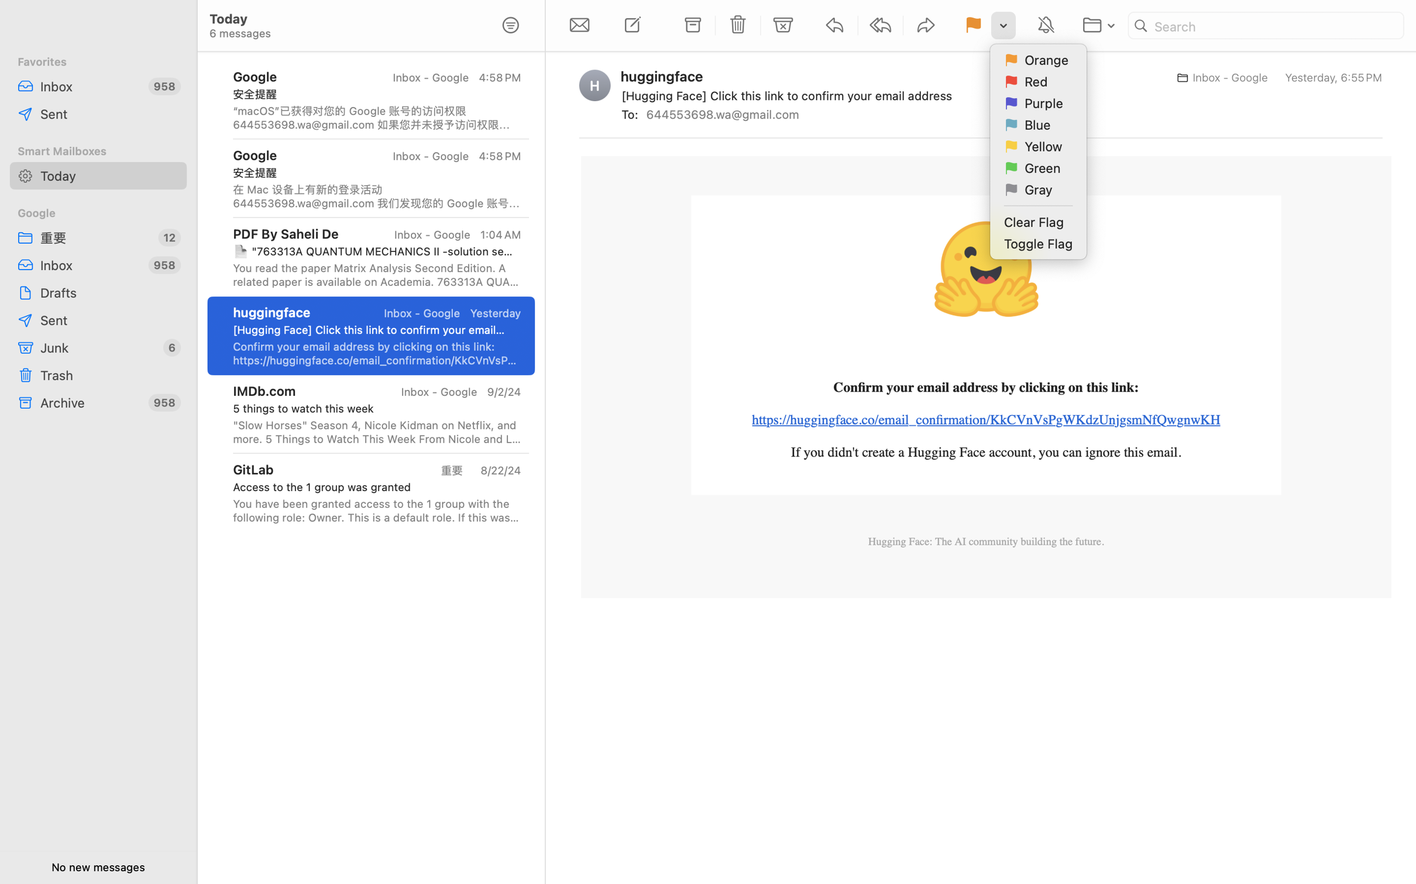 The height and width of the screenshot is (884, 1416). What do you see at coordinates (97, 866) in the screenshot?
I see `'No new messages'` at bounding box center [97, 866].